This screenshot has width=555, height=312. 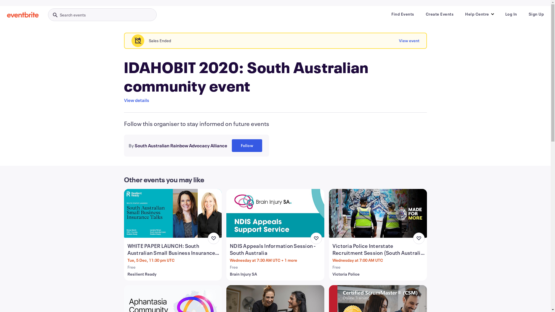 I want to click on 'View event', so click(x=399, y=40).